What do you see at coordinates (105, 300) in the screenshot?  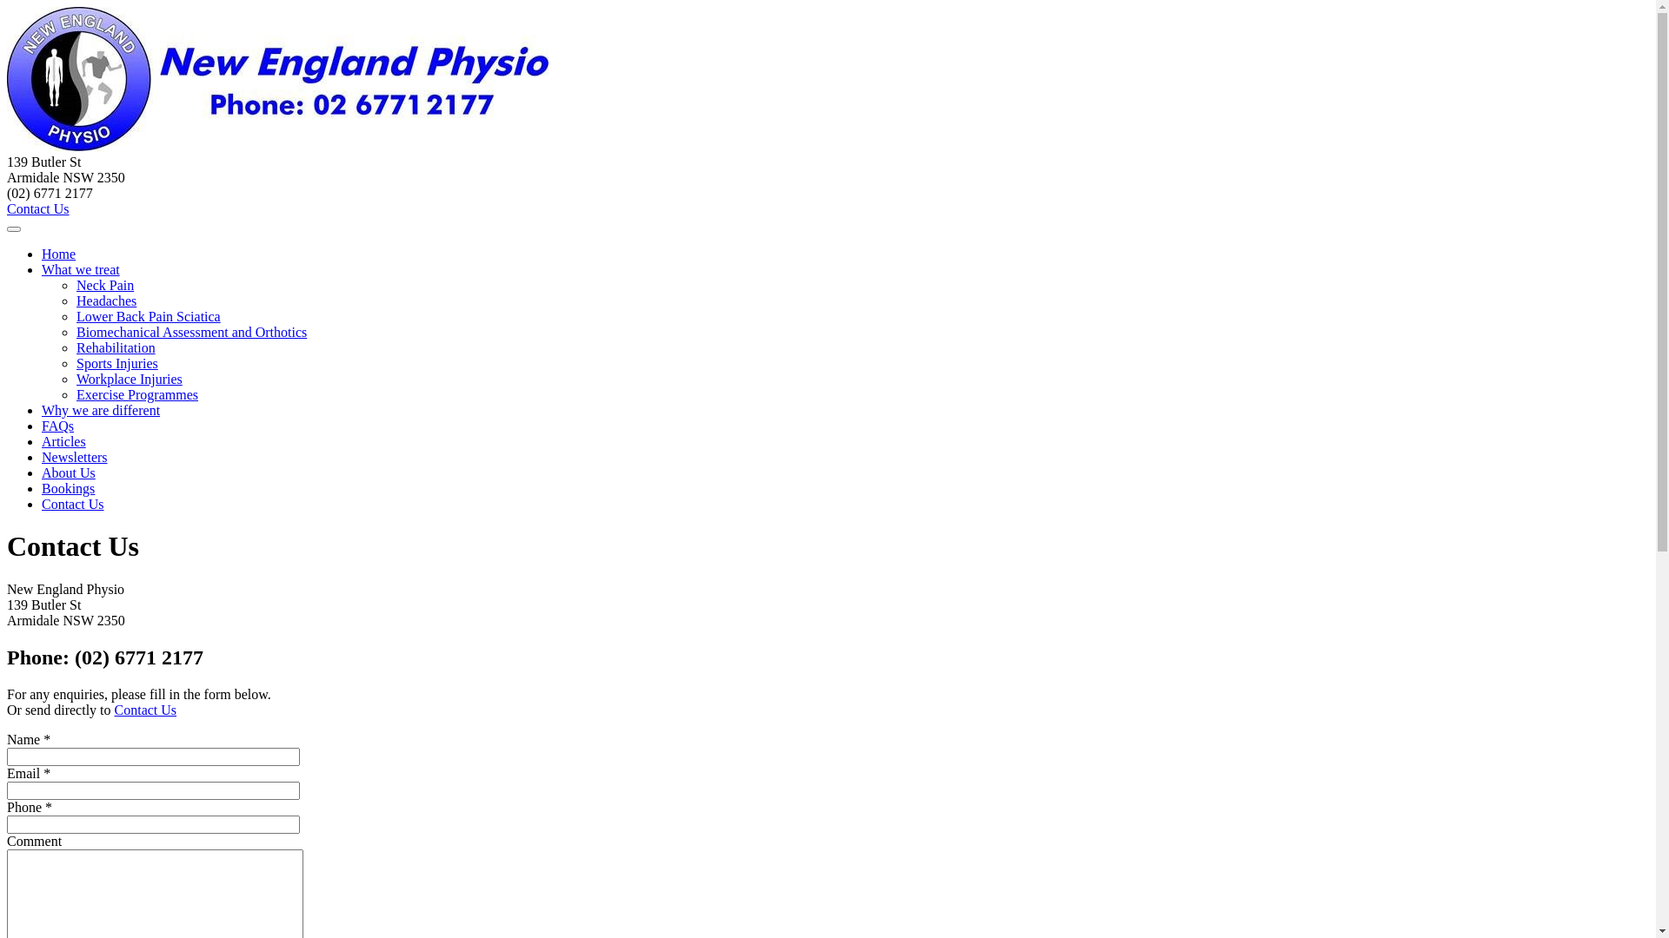 I see `'Headaches'` at bounding box center [105, 300].